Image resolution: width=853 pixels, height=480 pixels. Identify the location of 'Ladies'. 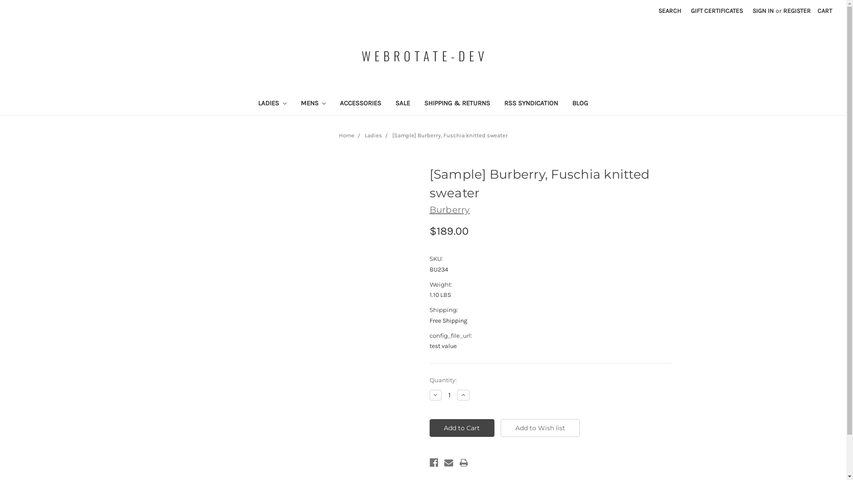
(373, 135).